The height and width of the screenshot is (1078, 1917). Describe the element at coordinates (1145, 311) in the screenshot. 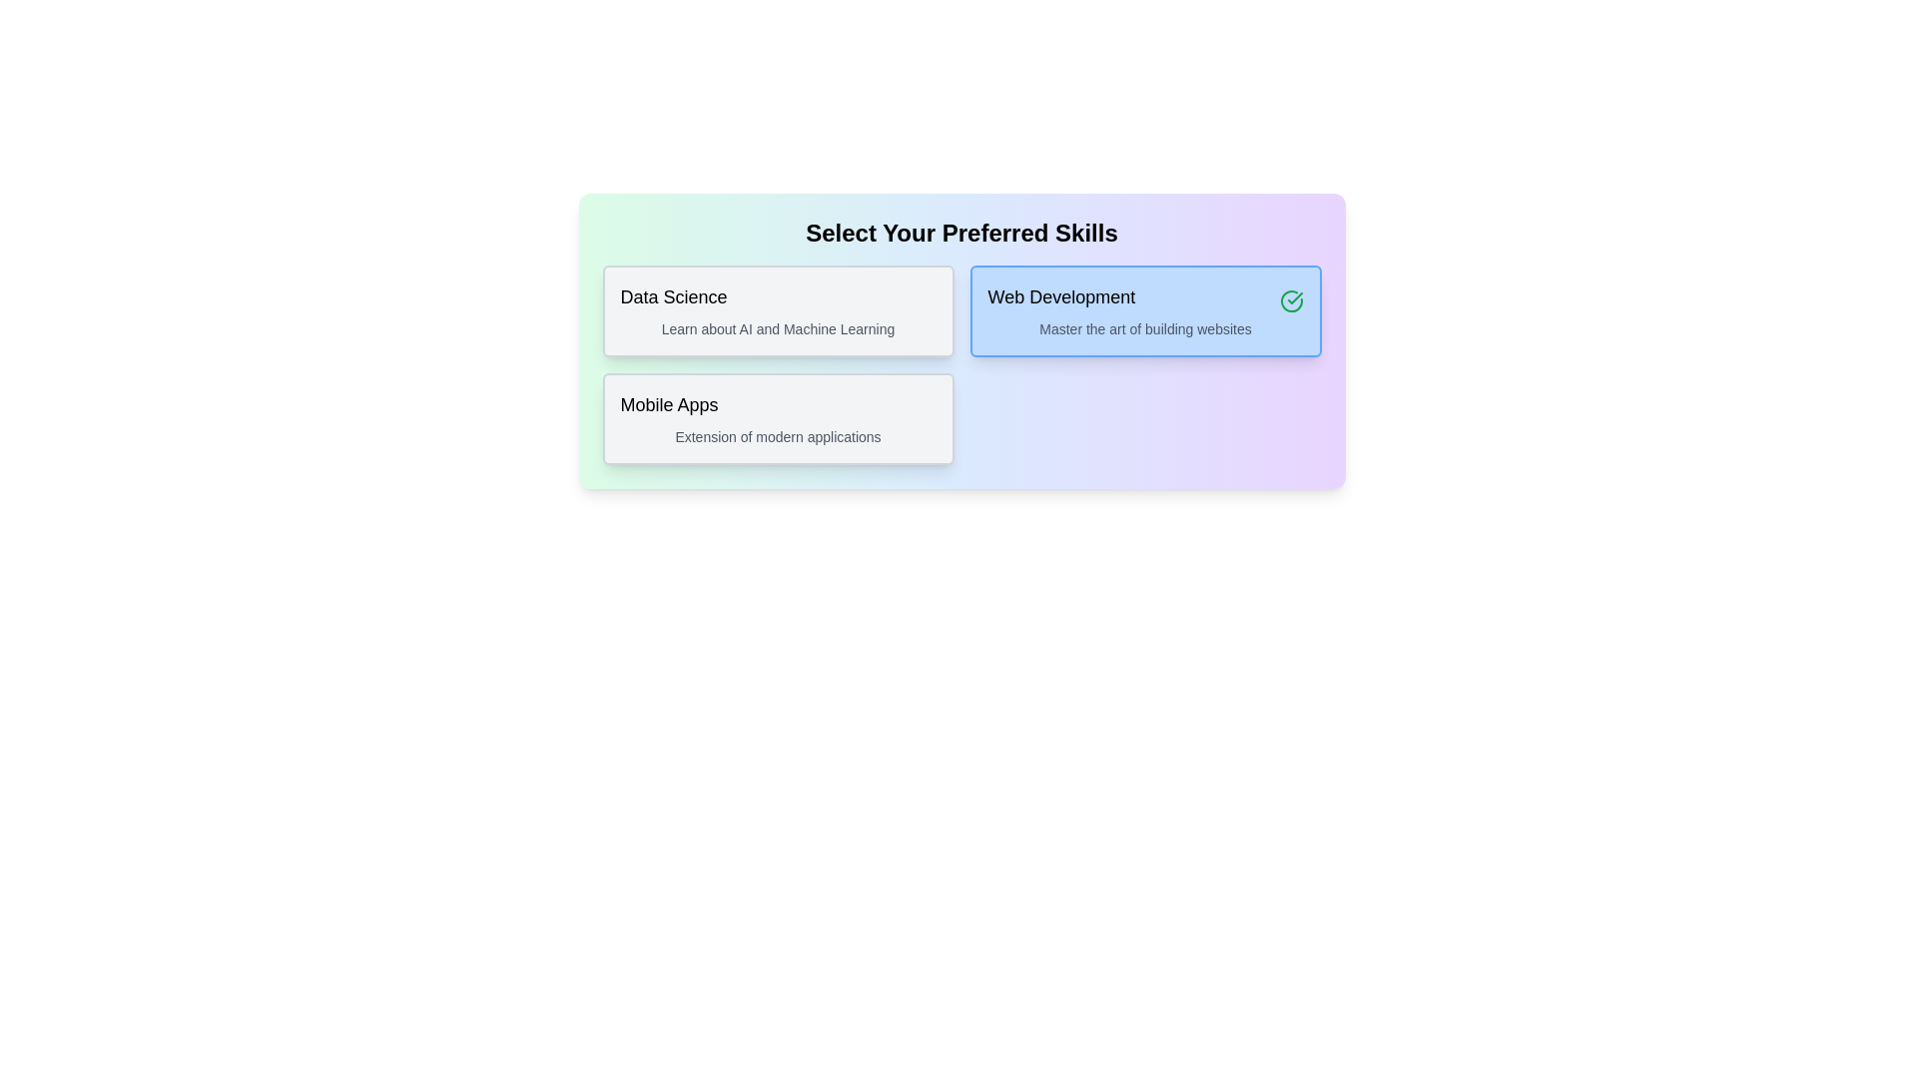

I see `the chip labeled Web Development to observe its hover effect` at that location.